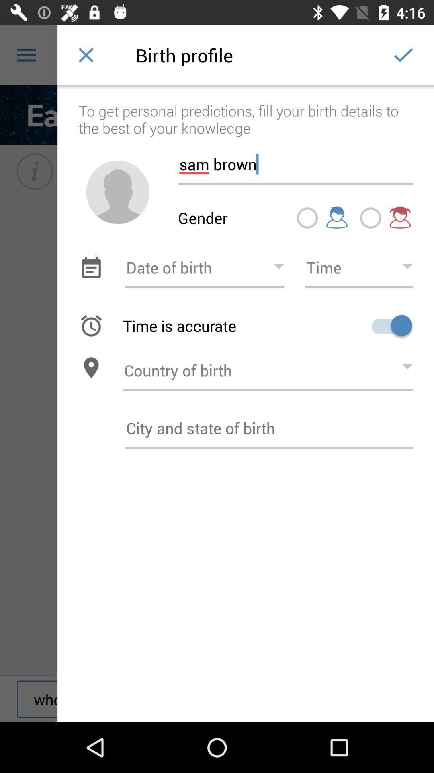  I want to click on the to get personal, so click(245, 111).